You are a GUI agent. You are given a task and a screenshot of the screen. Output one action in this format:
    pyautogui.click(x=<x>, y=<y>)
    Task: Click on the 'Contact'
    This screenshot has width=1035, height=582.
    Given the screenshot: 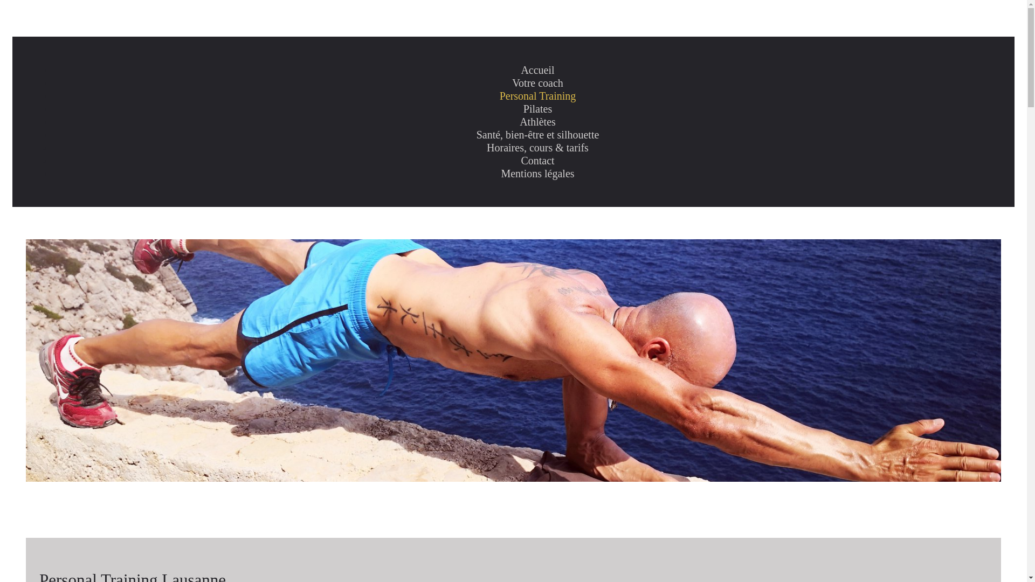 What is the action you would take?
    pyautogui.click(x=537, y=160)
    